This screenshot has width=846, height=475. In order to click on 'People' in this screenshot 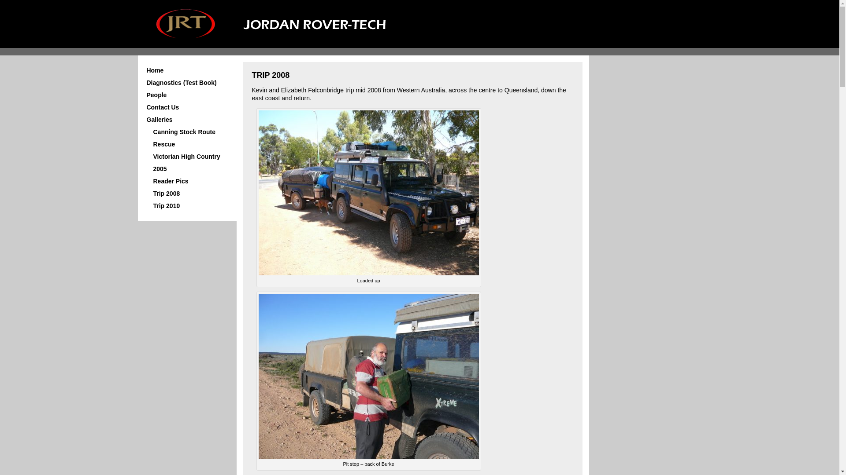, I will do `click(156, 95)`.